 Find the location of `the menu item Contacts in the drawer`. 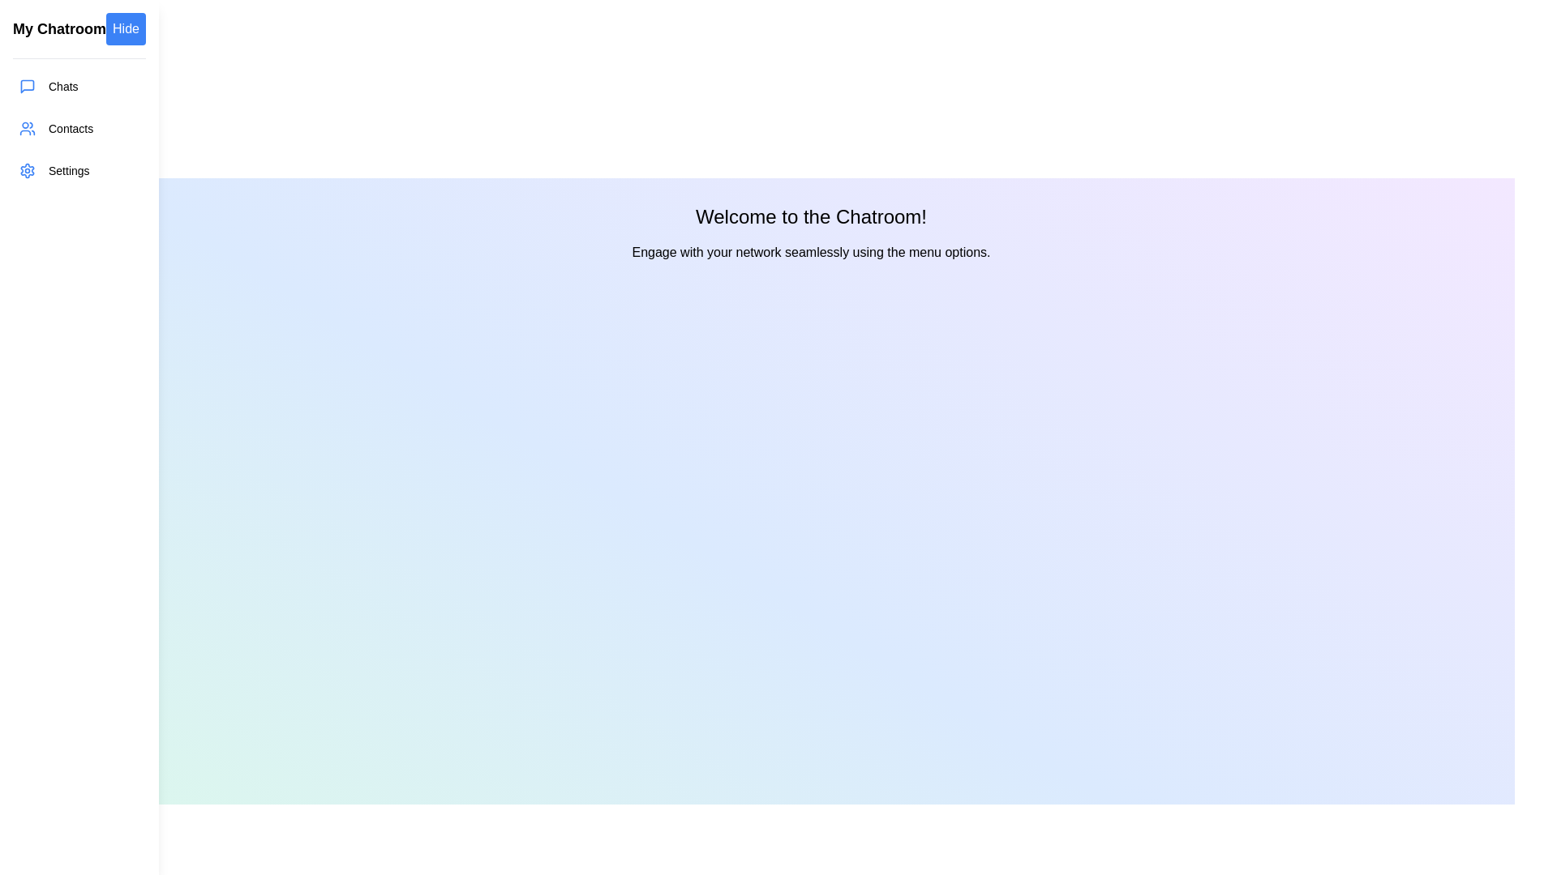

the menu item Contacts in the drawer is located at coordinates (77, 127).